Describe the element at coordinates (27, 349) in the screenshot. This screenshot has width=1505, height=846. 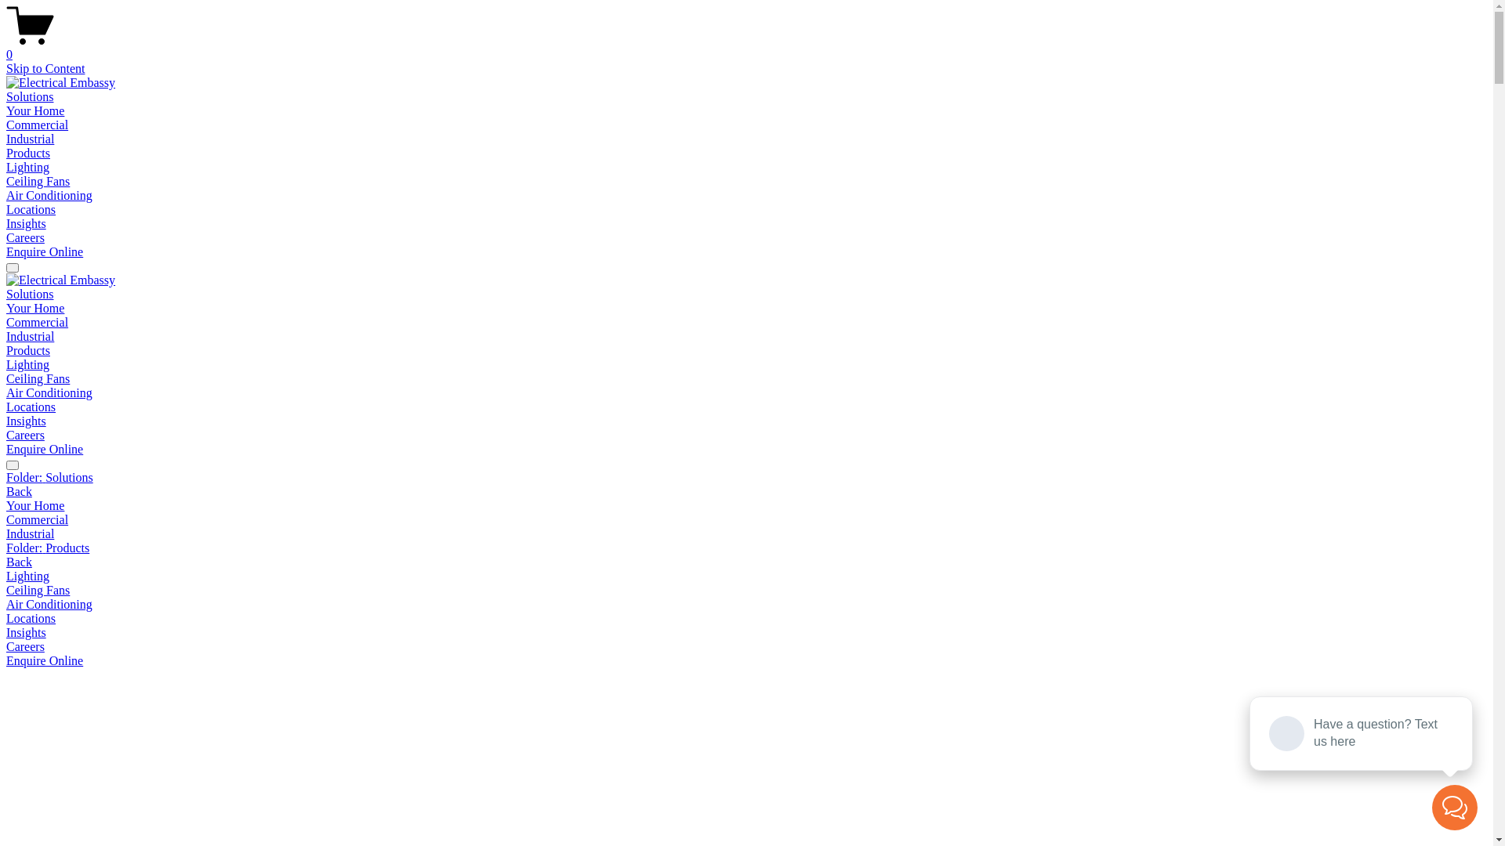
I see `'Products'` at that location.